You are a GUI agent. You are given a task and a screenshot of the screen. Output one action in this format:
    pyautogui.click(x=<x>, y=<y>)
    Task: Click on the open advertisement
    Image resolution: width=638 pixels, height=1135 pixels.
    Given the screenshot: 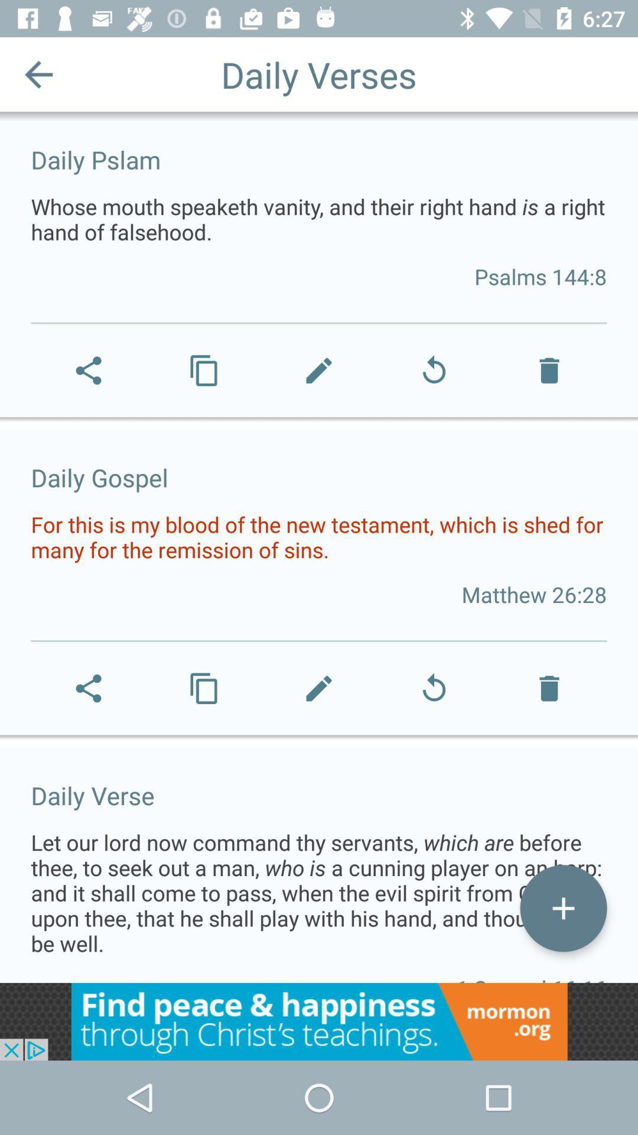 What is the action you would take?
    pyautogui.click(x=319, y=1021)
    